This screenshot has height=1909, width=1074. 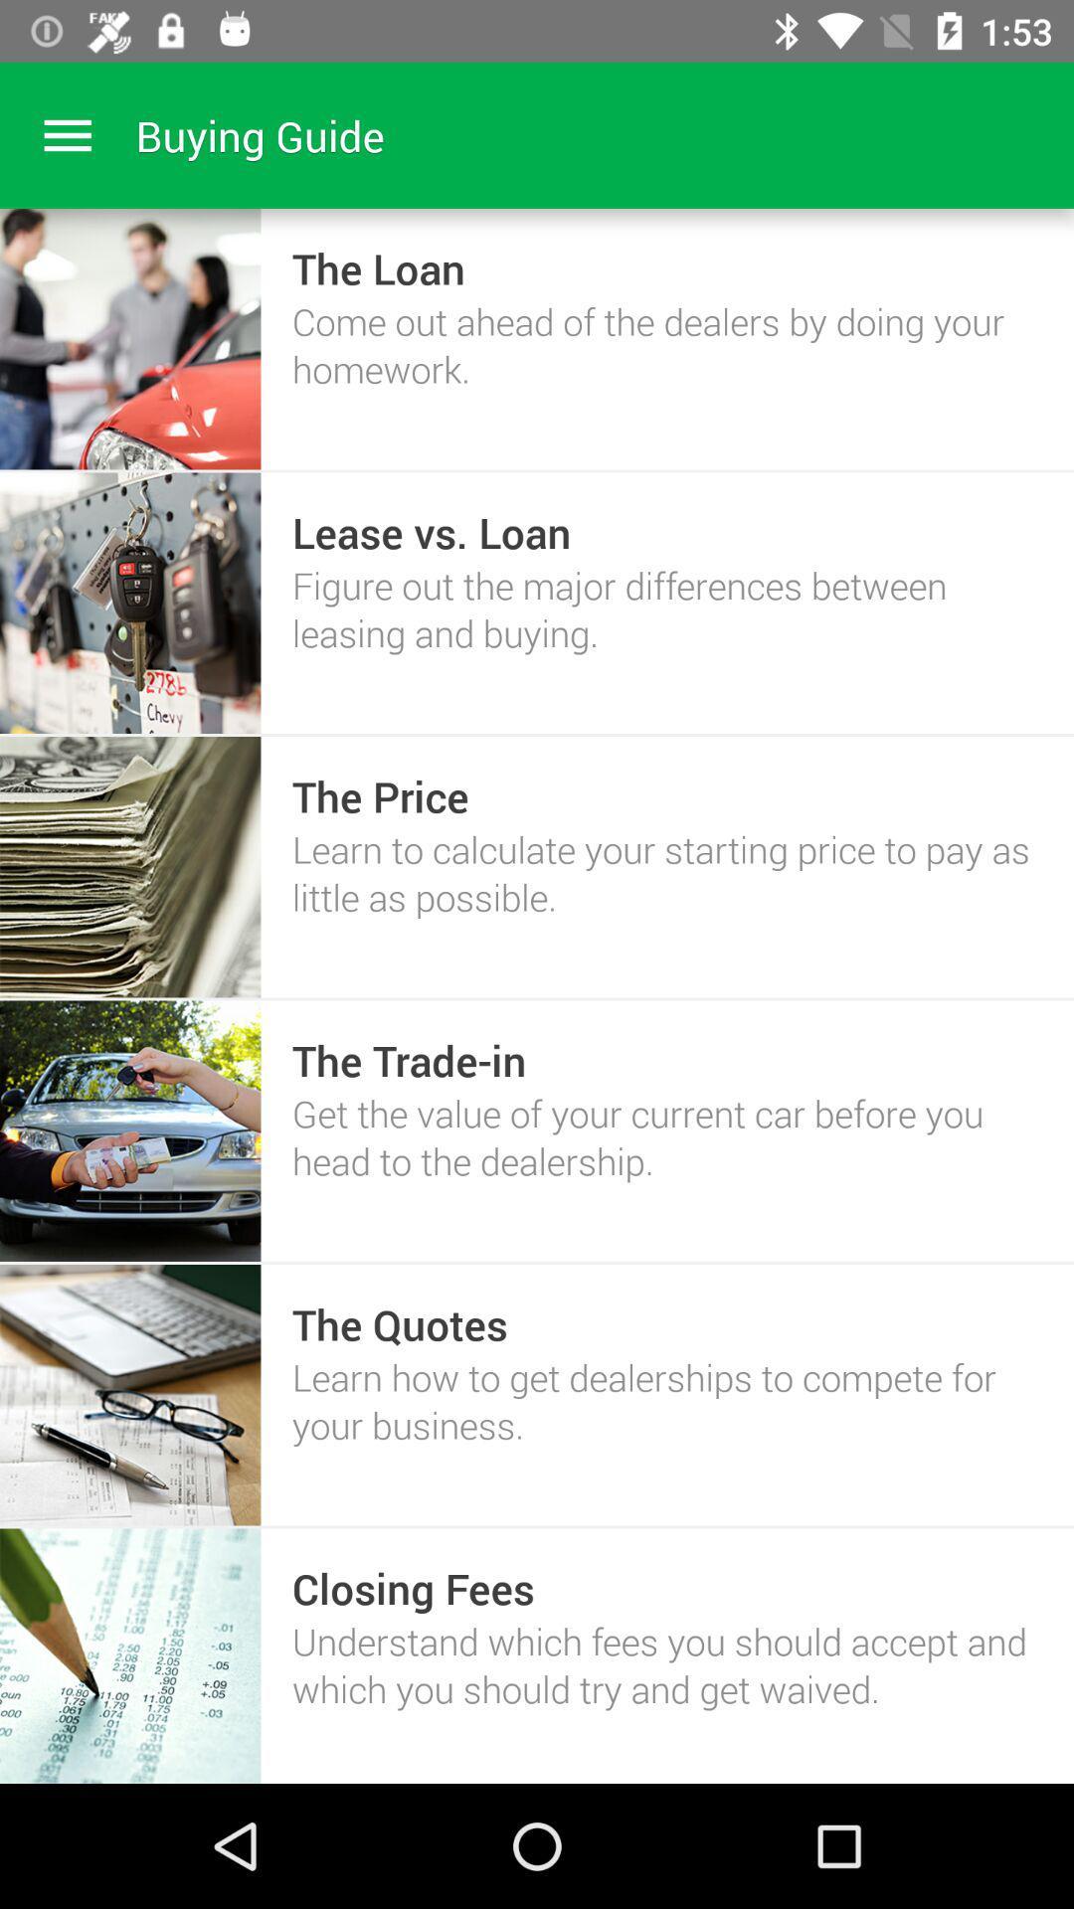 What do you see at coordinates (412, 1587) in the screenshot?
I see `closing fees item` at bounding box center [412, 1587].